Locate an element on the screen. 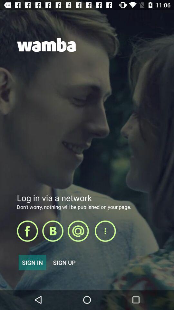 The width and height of the screenshot is (174, 310). click the app icon is located at coordinates (53, 231).